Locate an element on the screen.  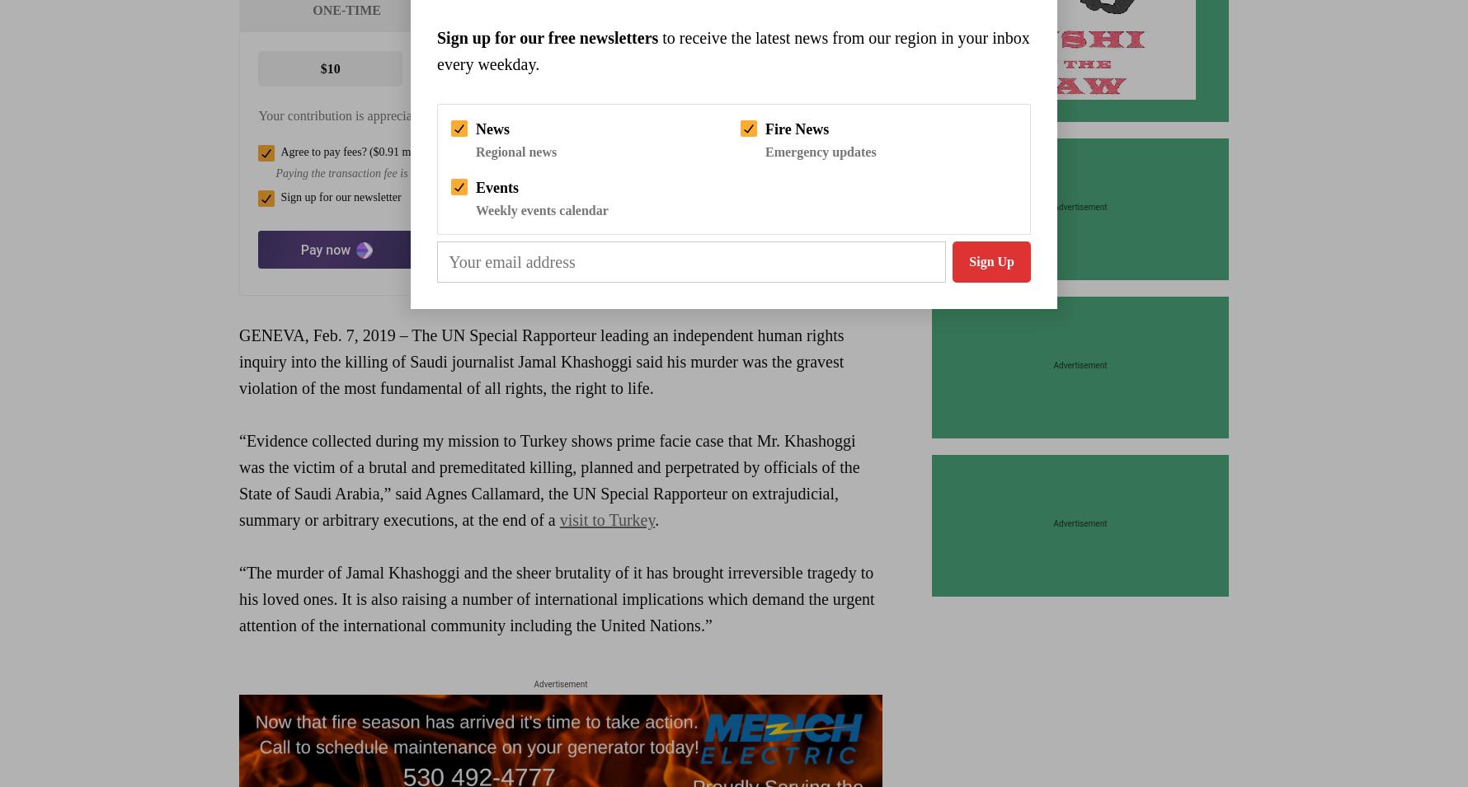
'to receive the latest news from our region in your inbox every weekday.' is located at coordinates (732, 49).